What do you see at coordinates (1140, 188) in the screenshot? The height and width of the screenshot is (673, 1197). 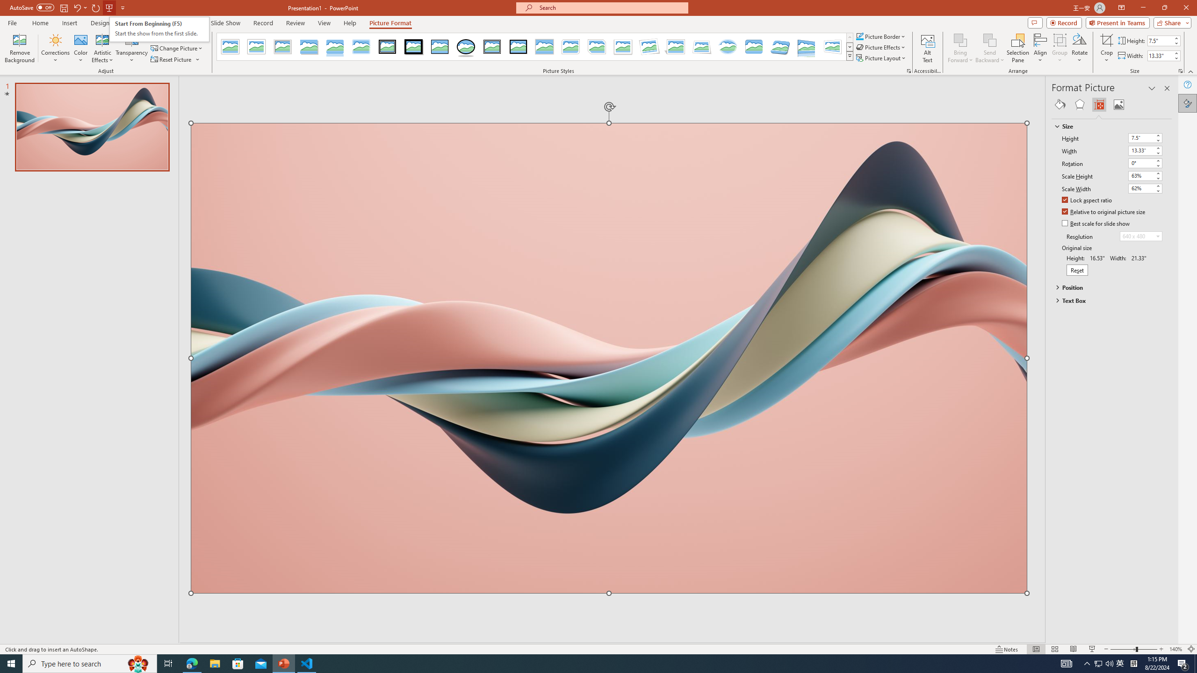 I see `'Scale Width'` at bounding box center [1140, 188].